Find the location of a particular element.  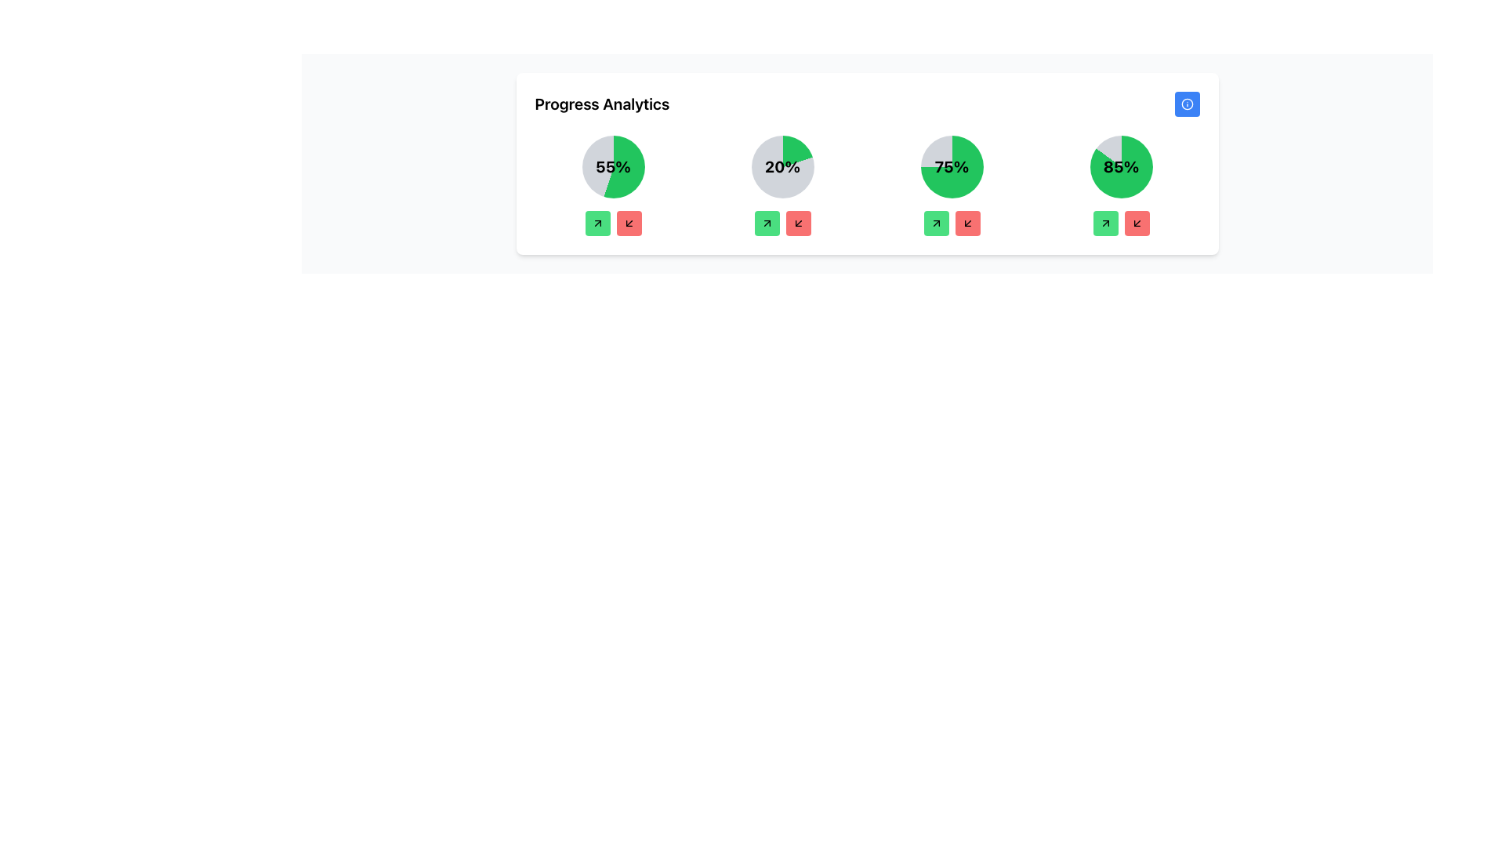

the SVG Icon within the third green button from the left is located at coordinates (936, 224).